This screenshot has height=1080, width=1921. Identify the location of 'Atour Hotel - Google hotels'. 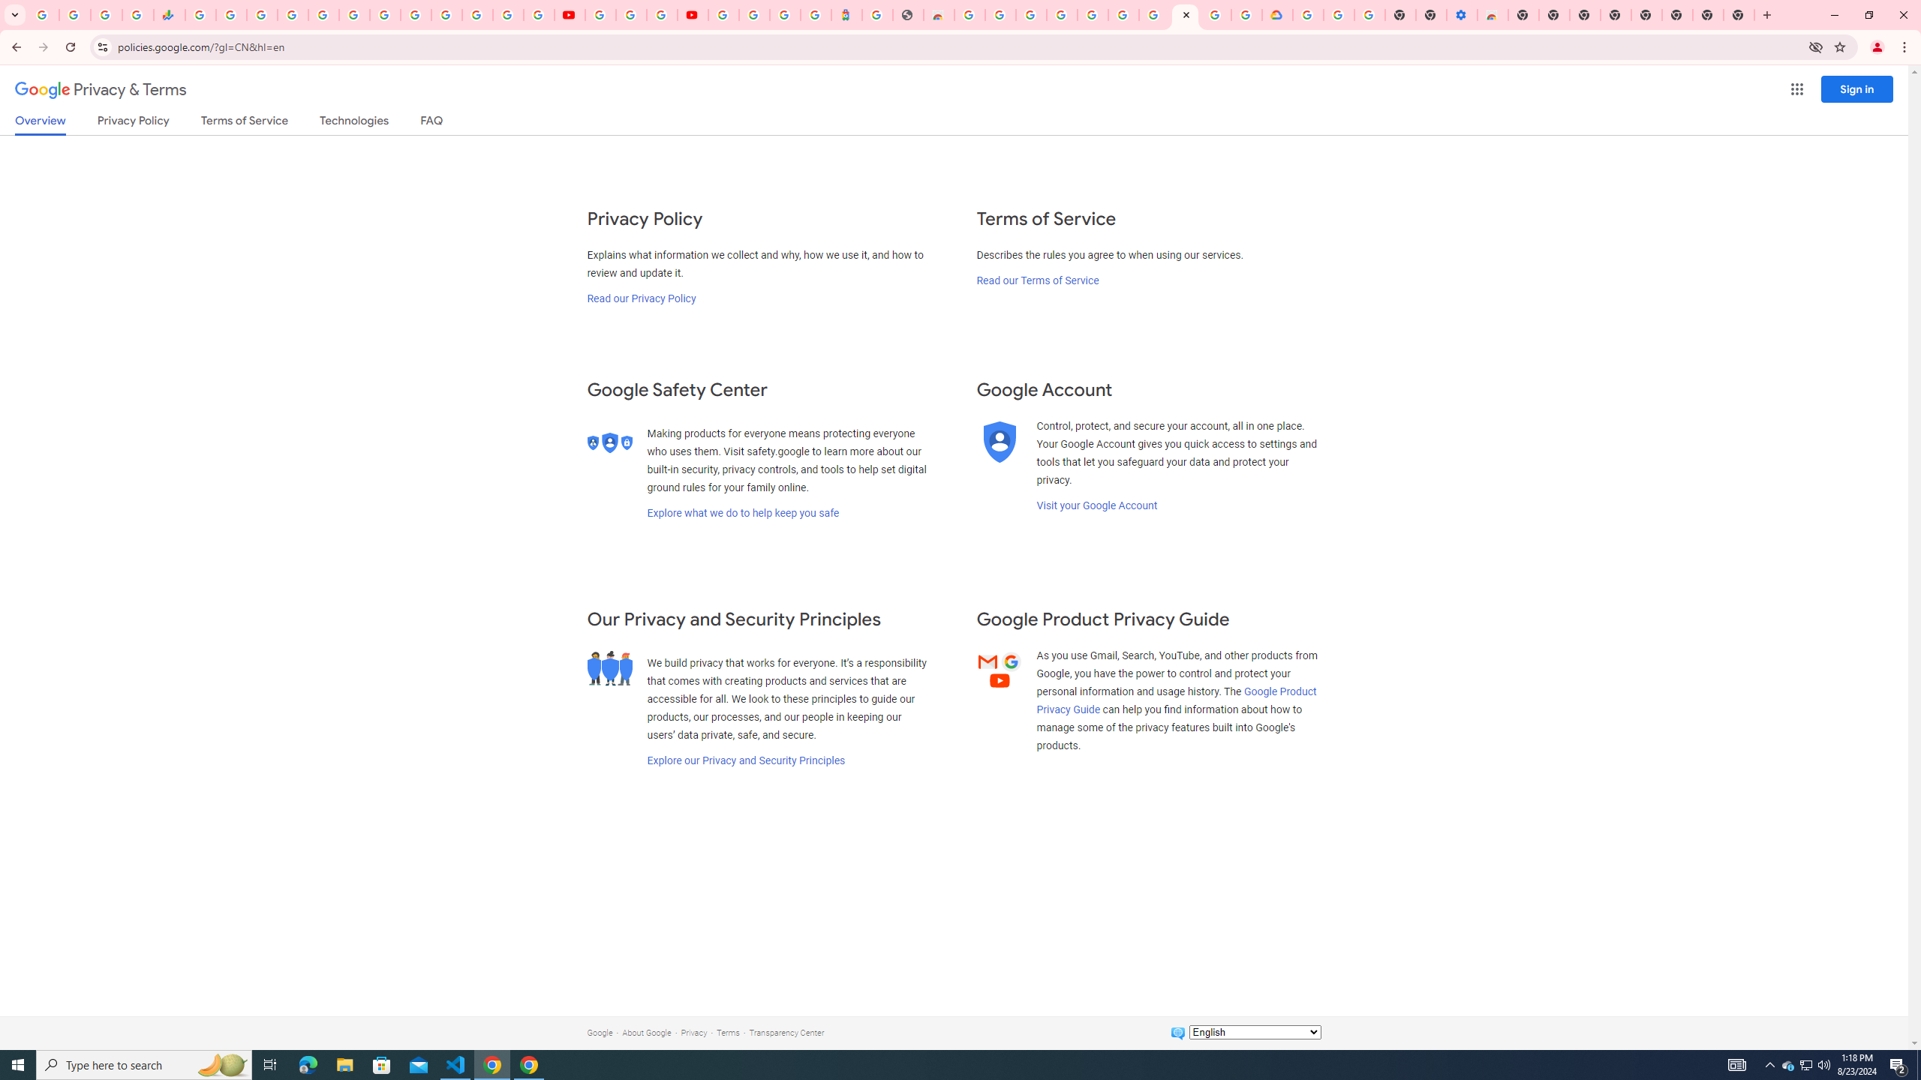
(845, 14).